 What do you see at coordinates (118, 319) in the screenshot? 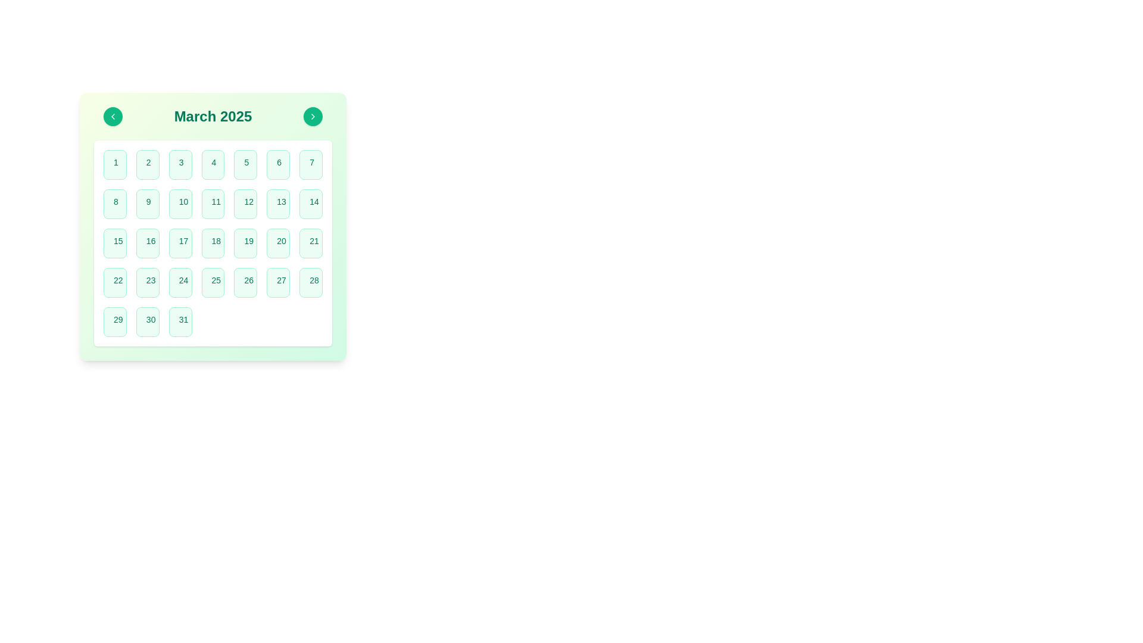
I see `the text label representing the date '29' in the calendar interface` at bounding box center [118, 319].